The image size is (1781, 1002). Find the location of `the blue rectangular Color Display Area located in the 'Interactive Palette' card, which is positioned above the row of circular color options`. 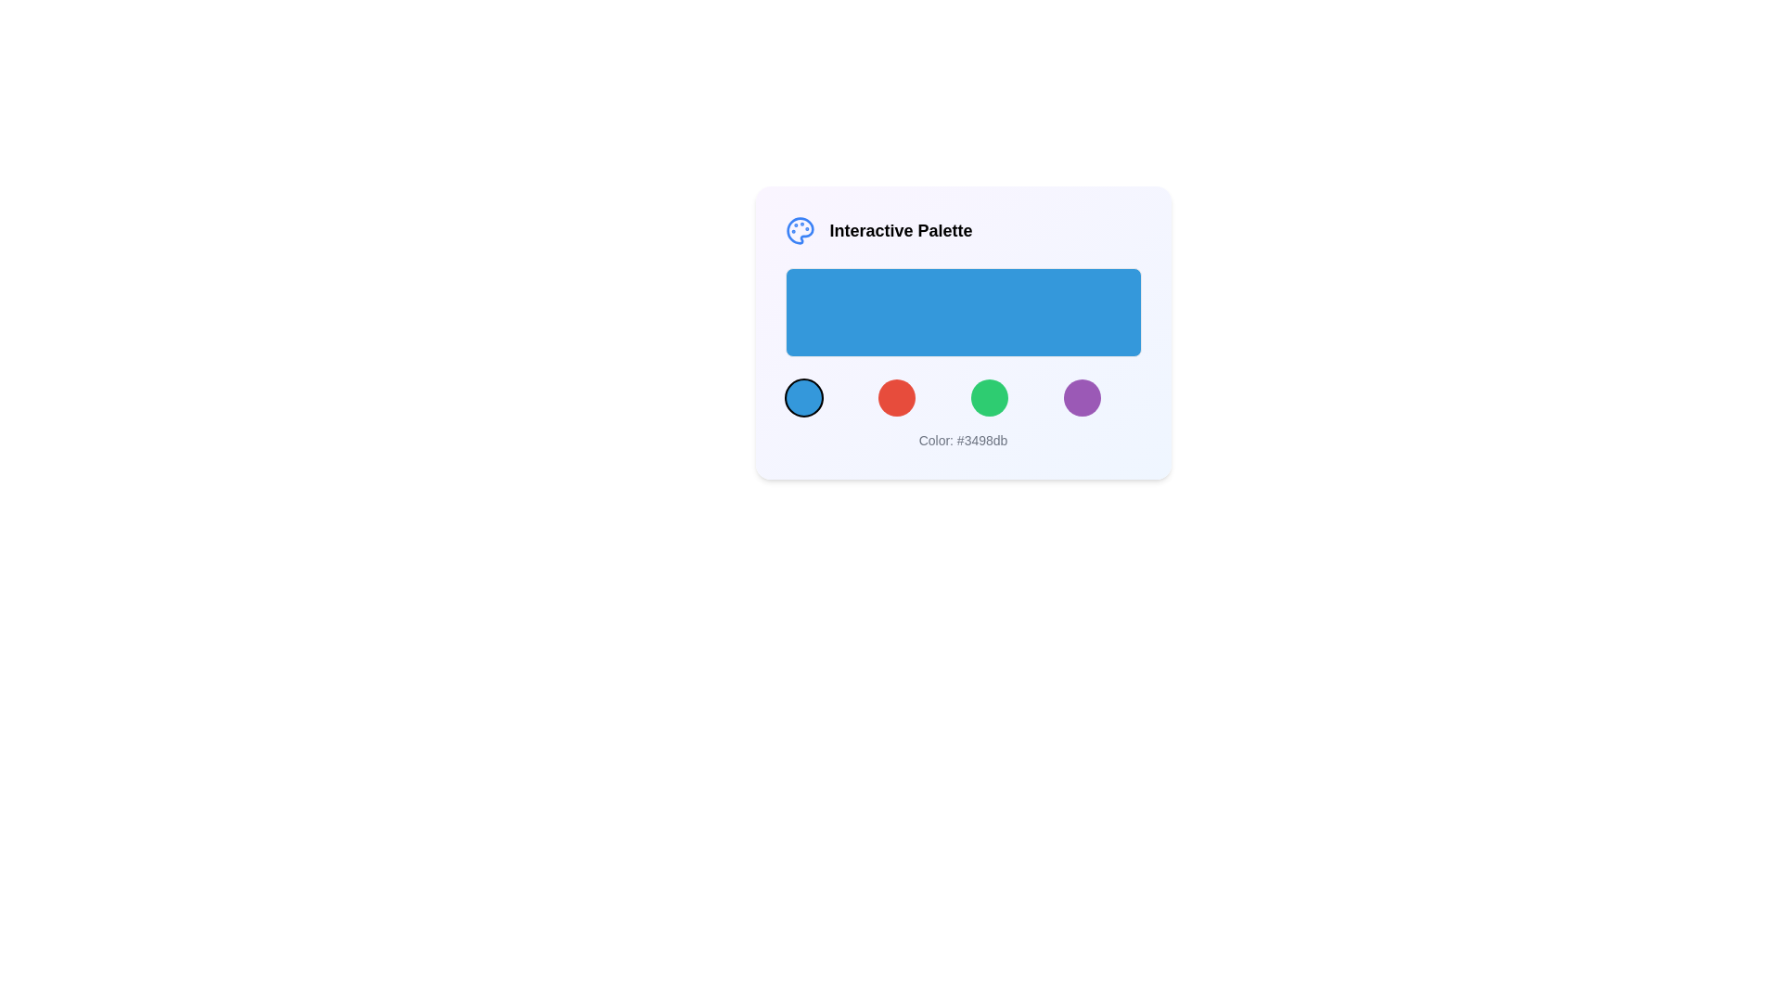

the blue rectangular Color Display Area located in the 'Interactive Palette' card, which is positioned above the row of circular color options is located at coordinates (963, 342).